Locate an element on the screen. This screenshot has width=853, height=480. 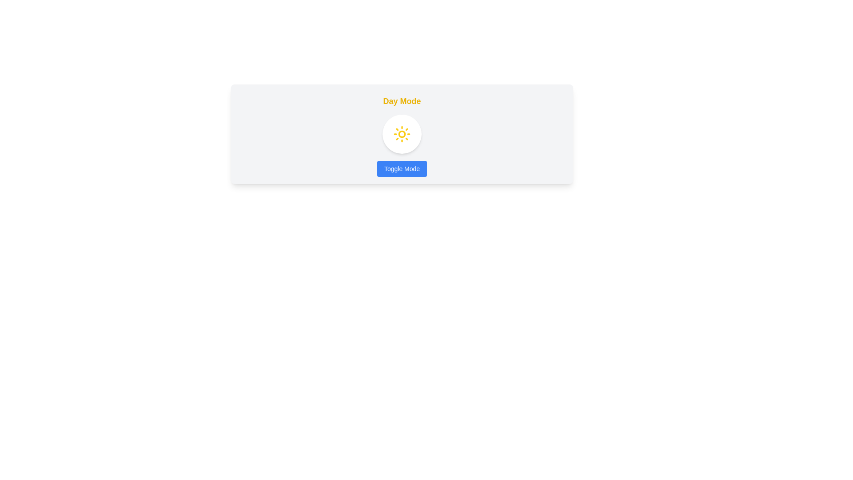
the 'Toggle Mode' button with a blue background and rounded corners, located under the 'Day Mode' title is located at coordinates (401, 169).